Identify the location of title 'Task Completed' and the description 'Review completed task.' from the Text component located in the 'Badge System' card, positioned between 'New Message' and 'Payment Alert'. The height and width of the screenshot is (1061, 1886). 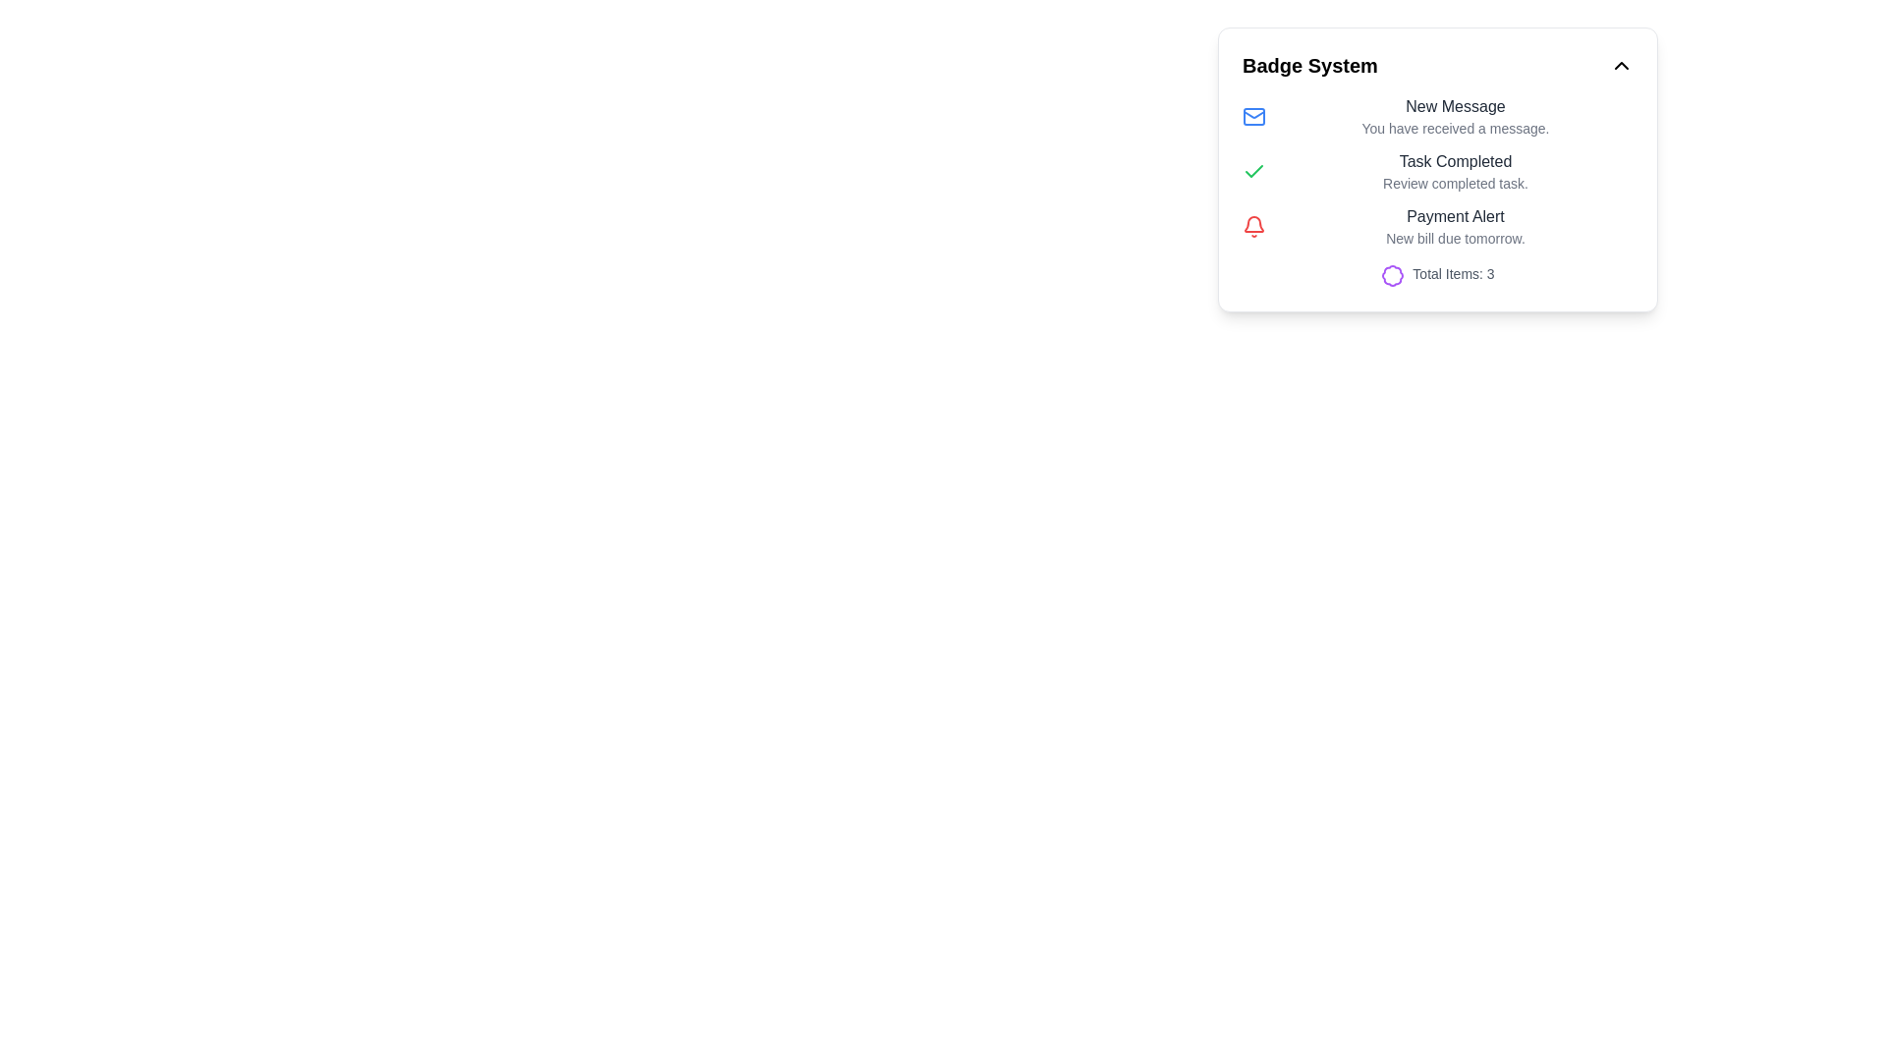
(1456, 170).